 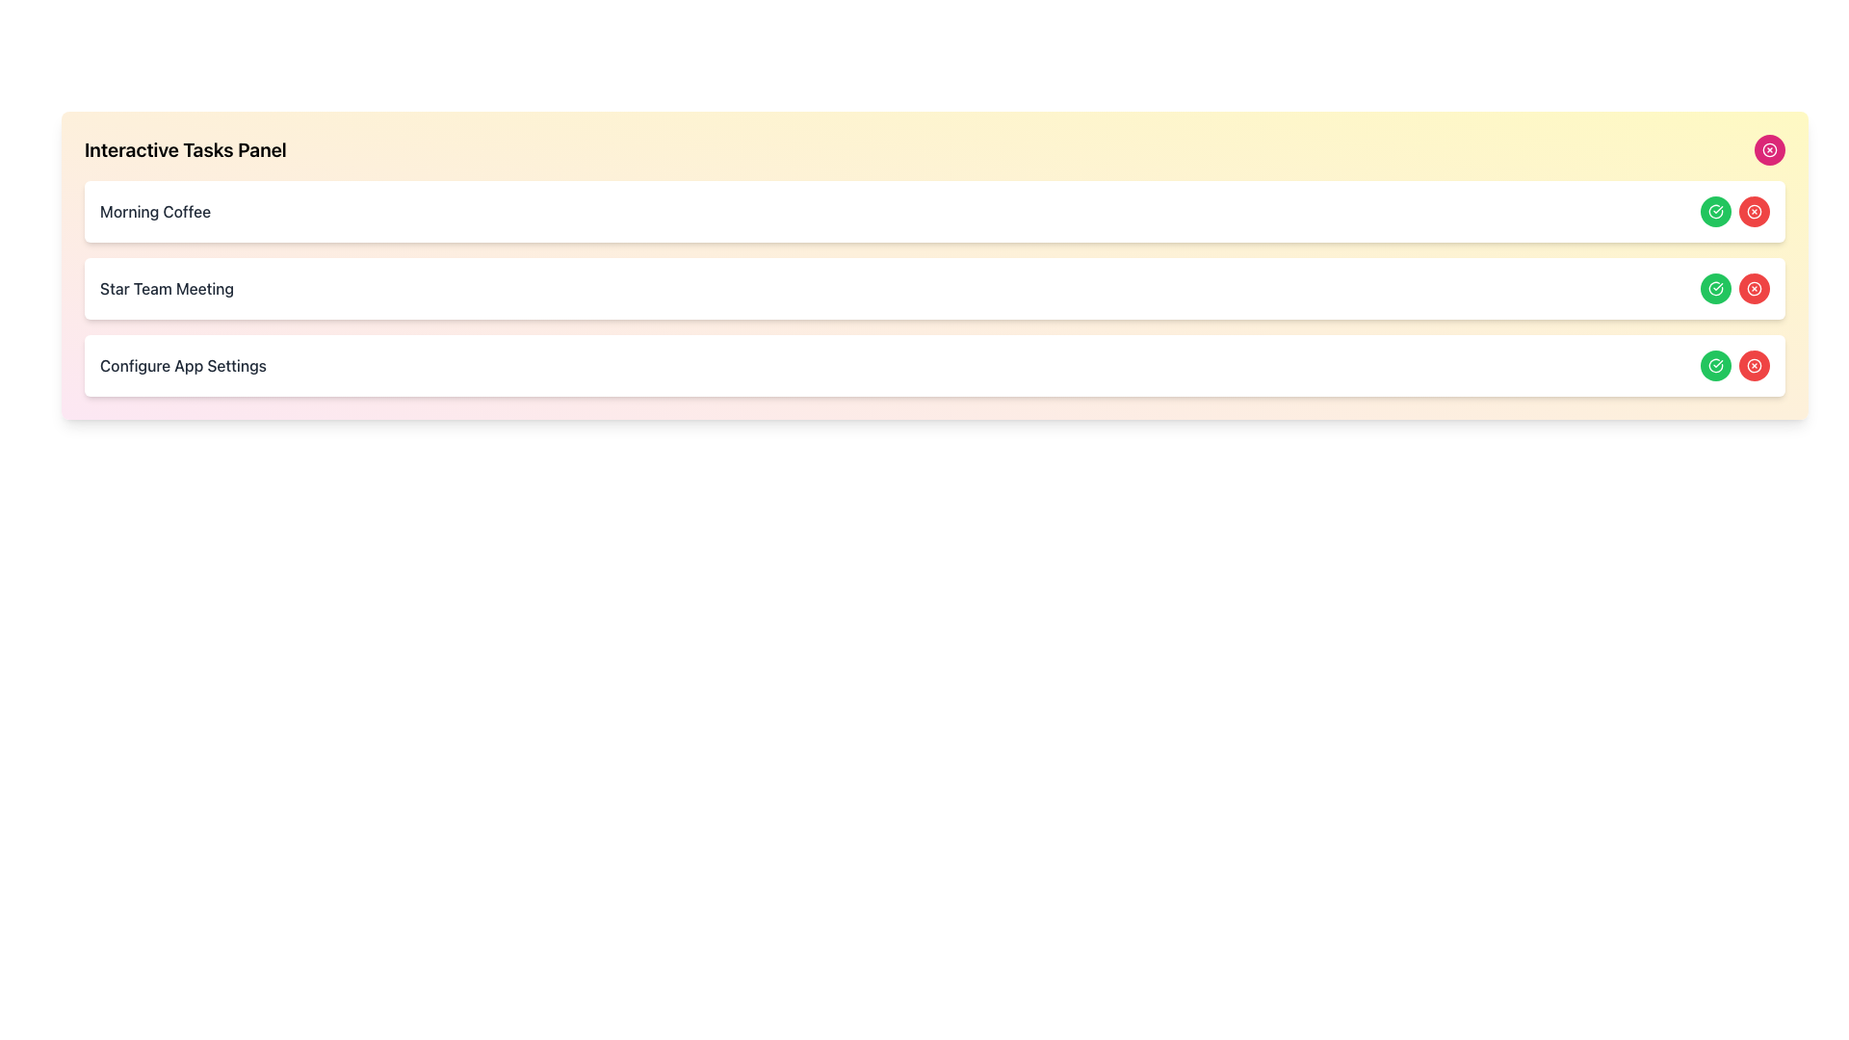 I want to click on the confirm button located in the second row of buttons on the right side of the middle task block in the interface, so click(x=1715, y=211).